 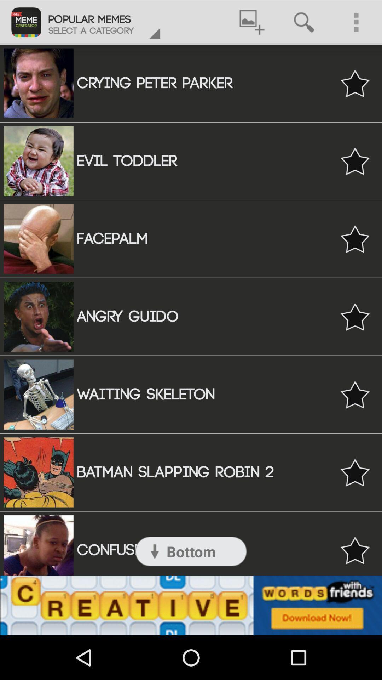 I want to click on favorite, so click(x=355, y=472).